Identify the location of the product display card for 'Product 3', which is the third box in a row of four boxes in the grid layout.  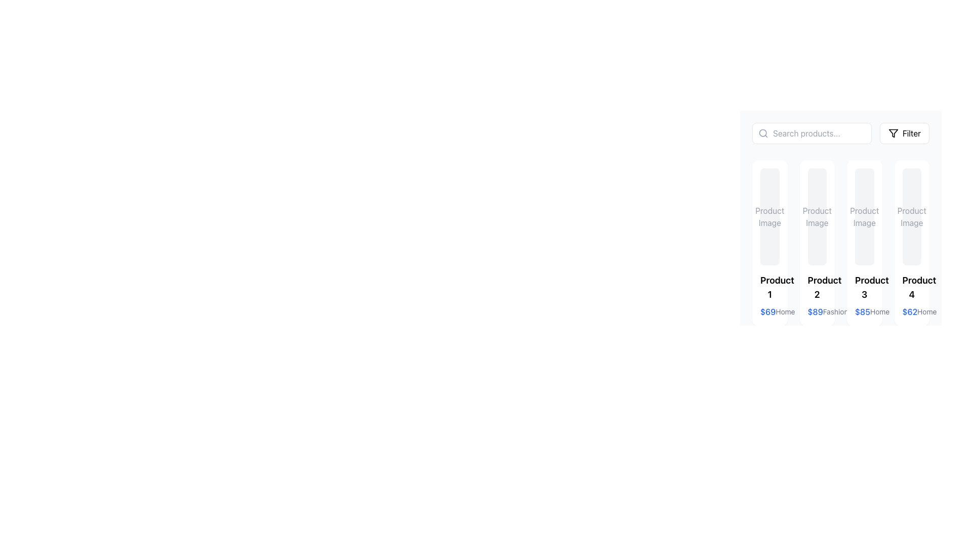
(840, 211).